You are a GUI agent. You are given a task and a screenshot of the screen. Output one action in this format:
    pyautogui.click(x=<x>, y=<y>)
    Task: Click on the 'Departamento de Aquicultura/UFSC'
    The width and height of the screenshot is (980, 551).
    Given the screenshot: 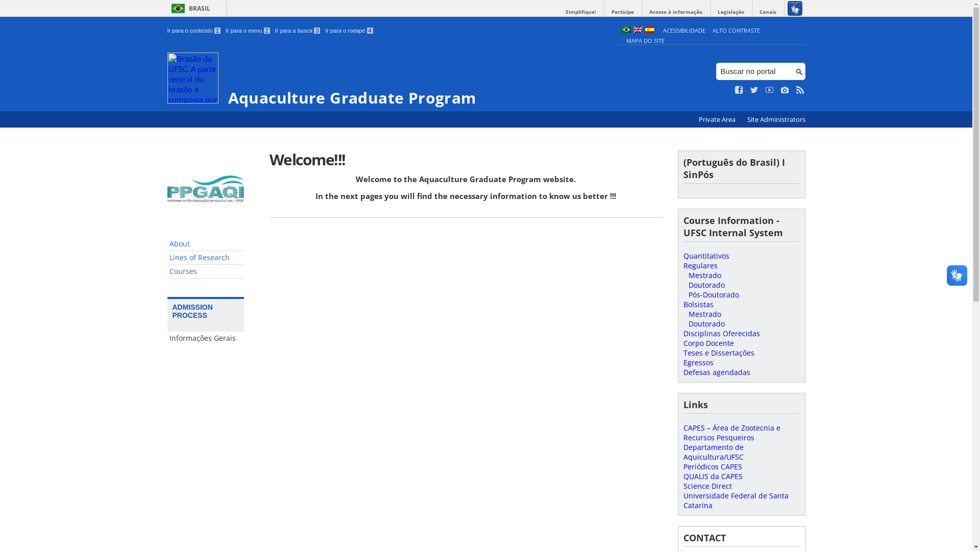 What is the action you would take?
    pyautogui.click(x=683, y=452)
    